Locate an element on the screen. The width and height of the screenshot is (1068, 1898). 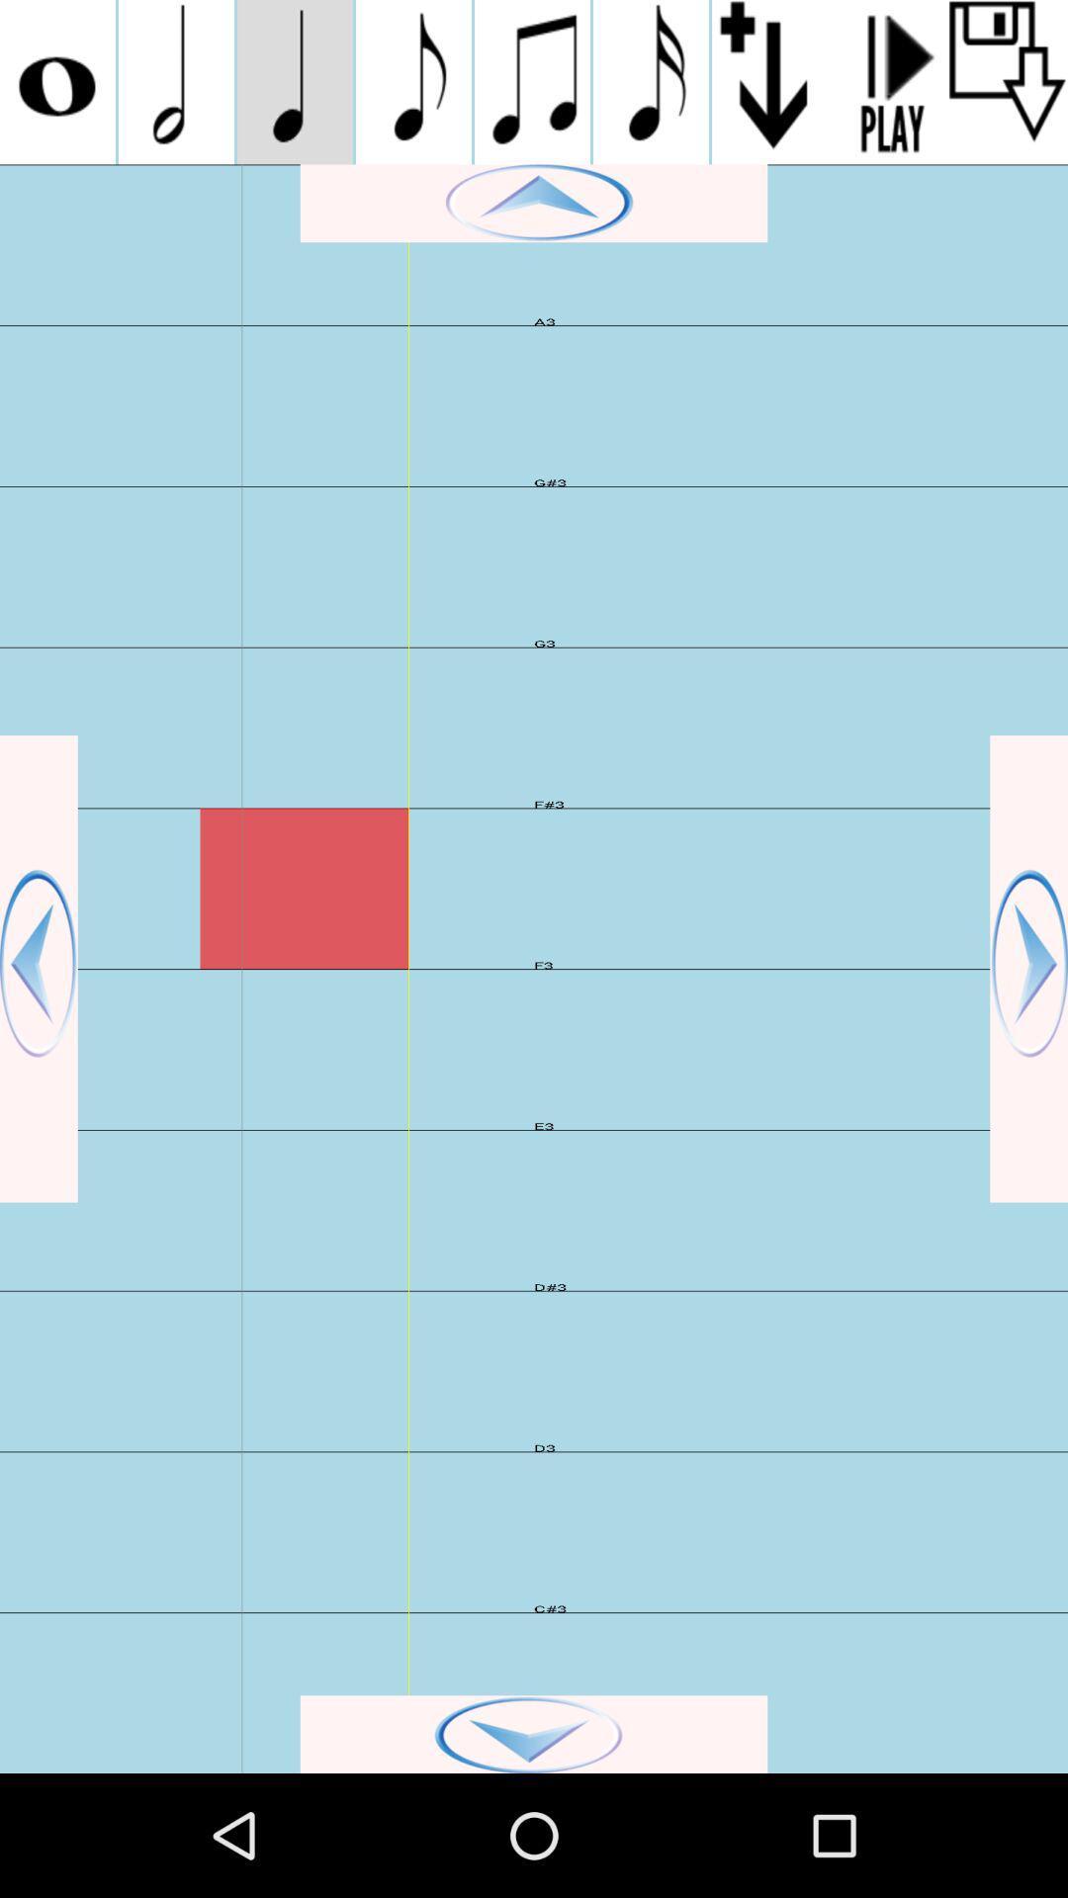
place quarter note is located at coordinates (295, 81).